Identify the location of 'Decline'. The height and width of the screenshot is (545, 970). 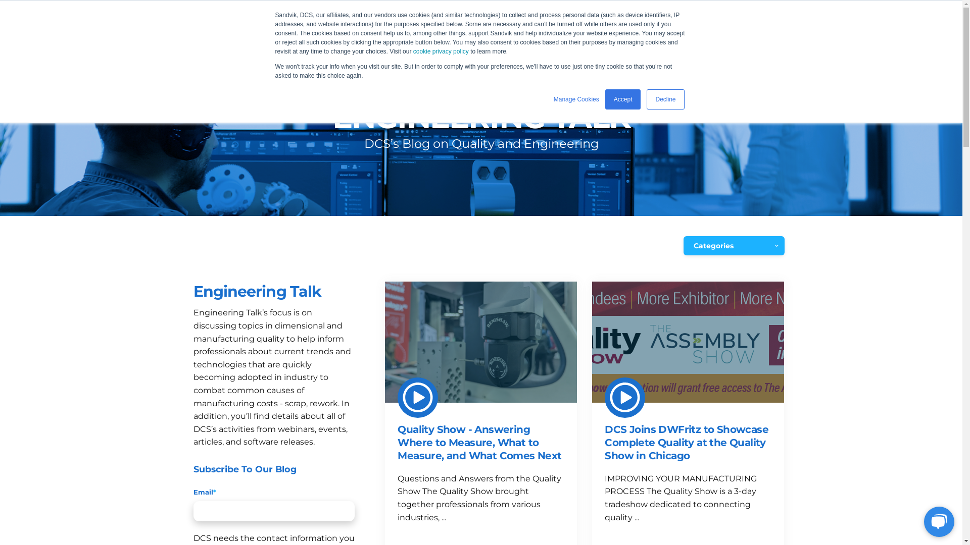
(665, 99).